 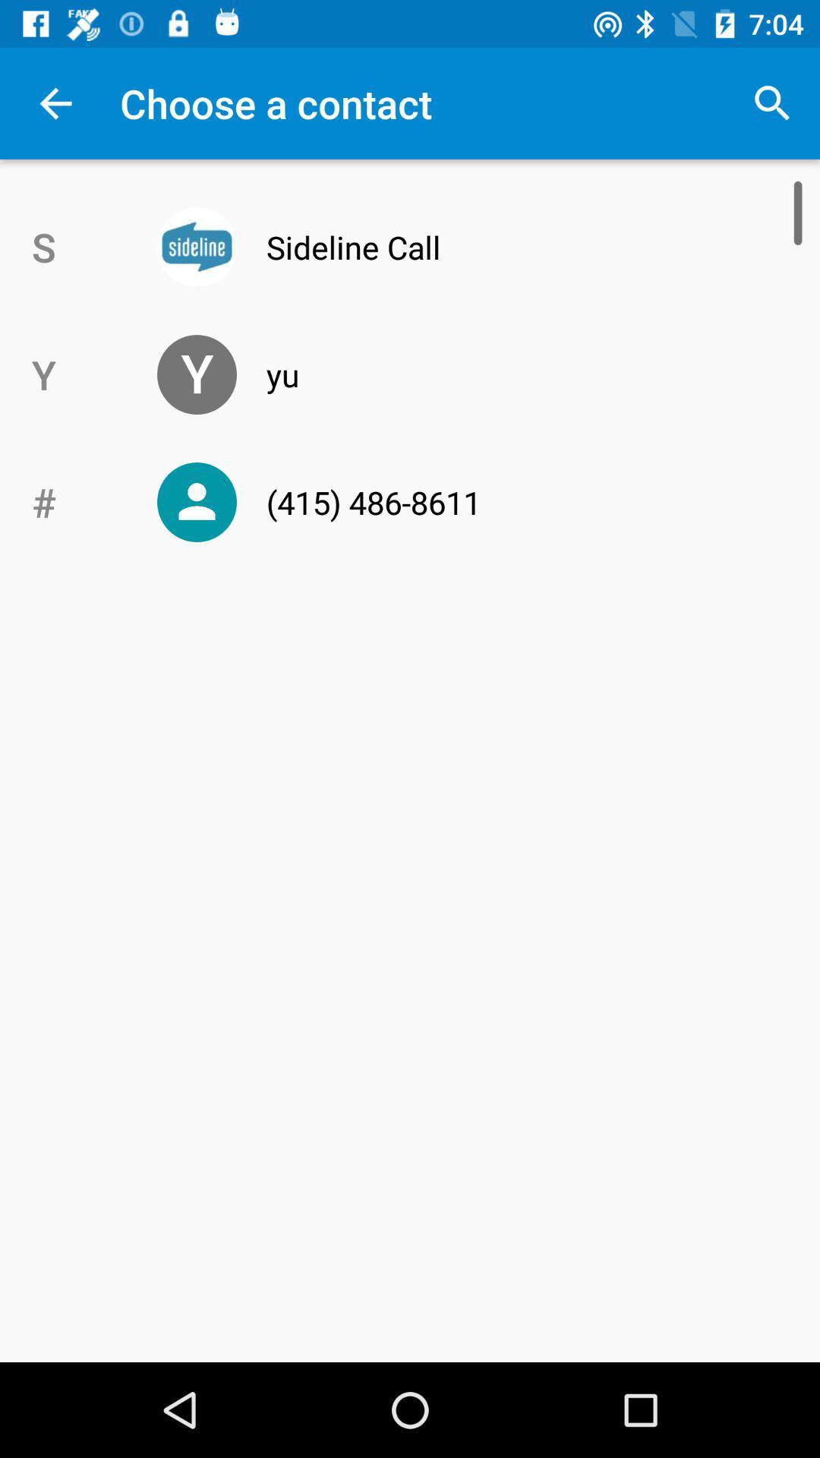 I want to click on icon above the s app, so click(x=55, y=103).